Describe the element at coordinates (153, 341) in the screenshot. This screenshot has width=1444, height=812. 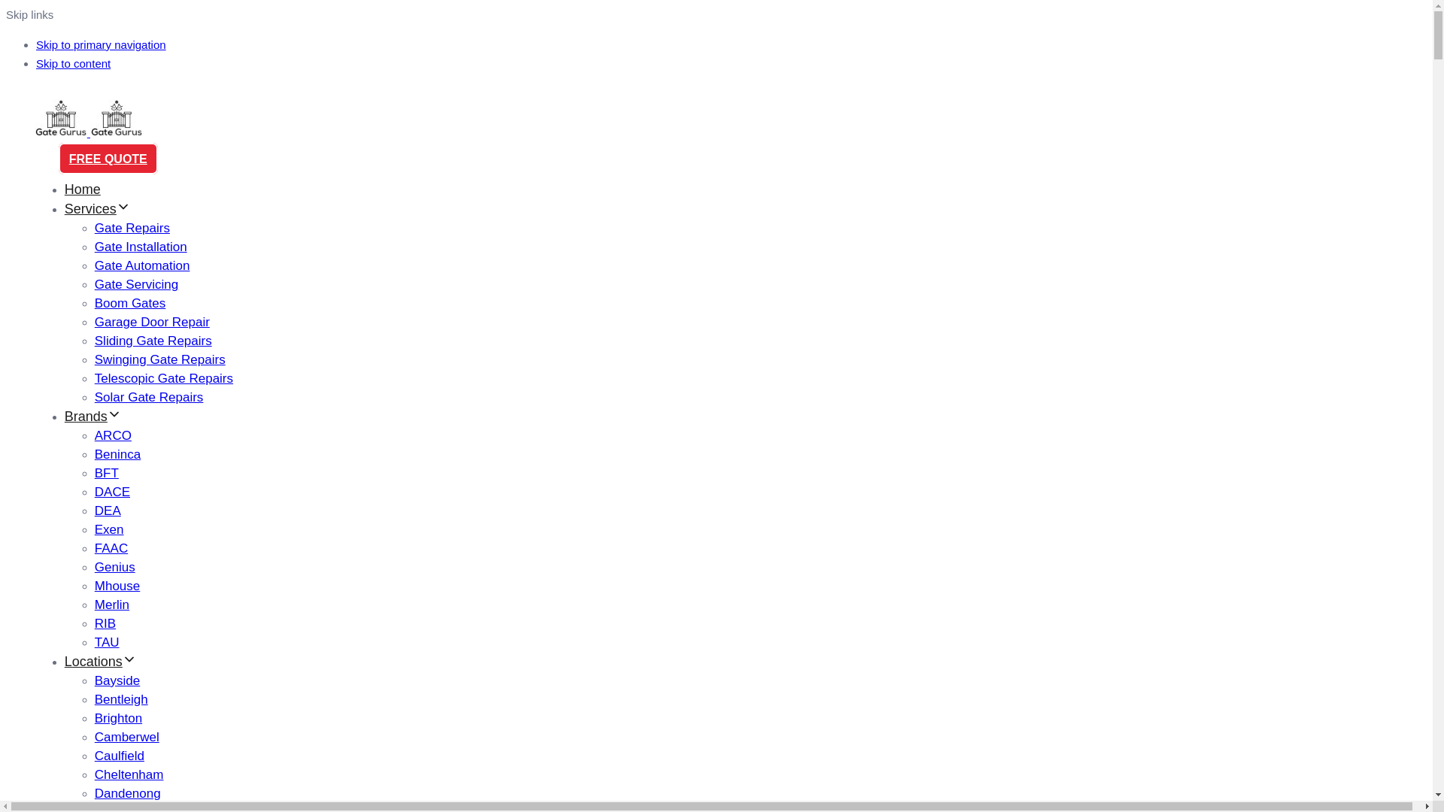
I see `'Sliding Gate Repairs'` at that location.